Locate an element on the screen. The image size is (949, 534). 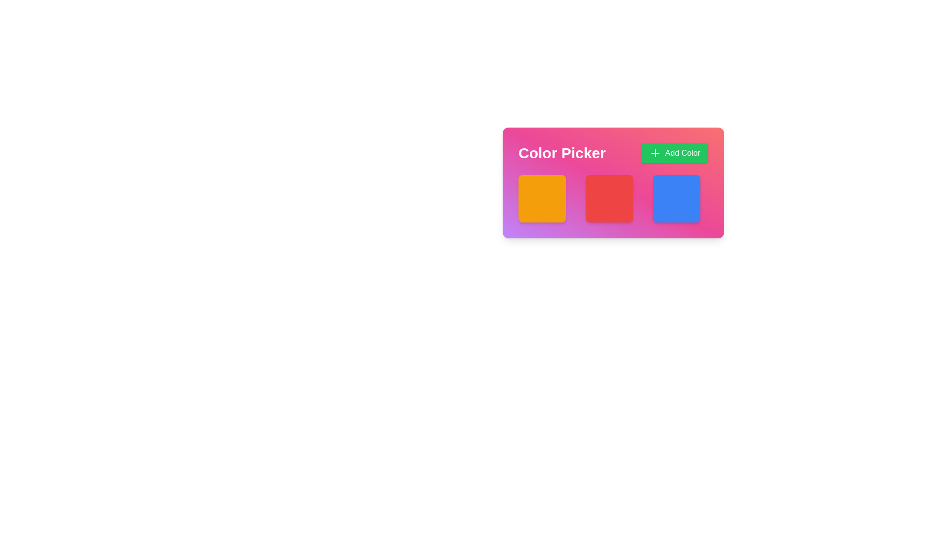
the trash icon button located in the top-right corner of the blue square tile in the 'Color Picker' section is located at coordinates (699, 183).